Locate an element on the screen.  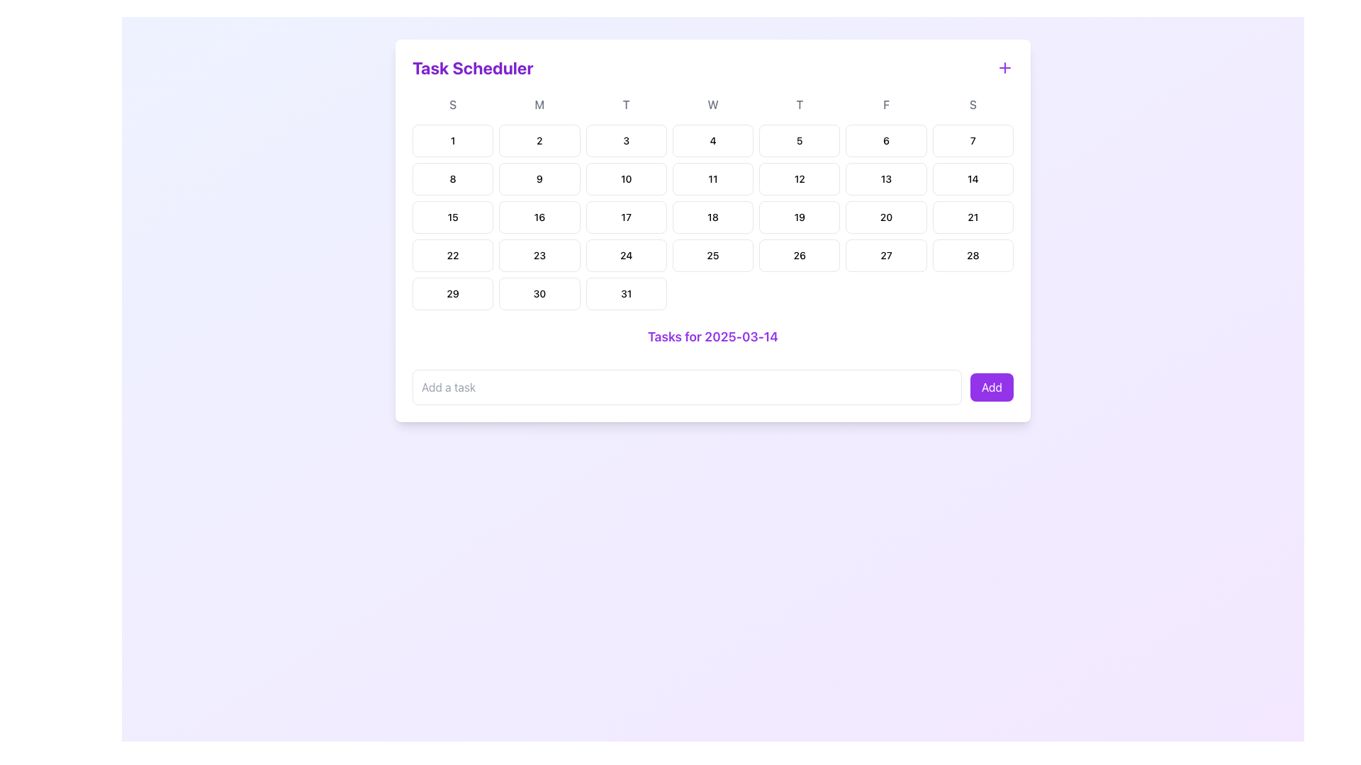
the single-character text 'S' in the calendar header row to understand the column's weekday, positioned in the top-right corner adjacent to 'F' is located at coordinates (972, 103).